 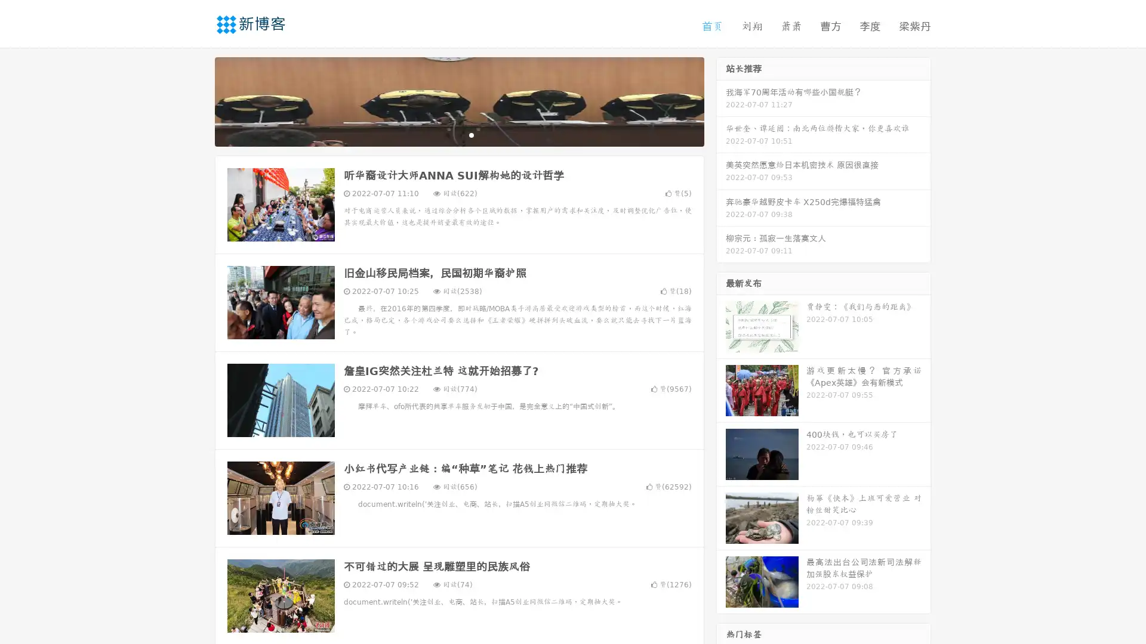 I want to click on Next slide, so click(x=721, y=100).